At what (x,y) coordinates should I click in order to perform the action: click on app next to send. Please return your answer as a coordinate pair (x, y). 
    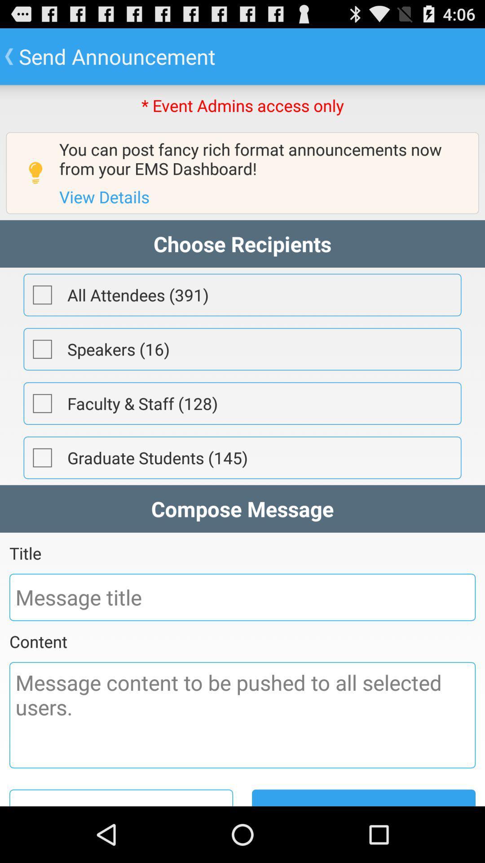
    Looking at the image, I should click on (121, 798).